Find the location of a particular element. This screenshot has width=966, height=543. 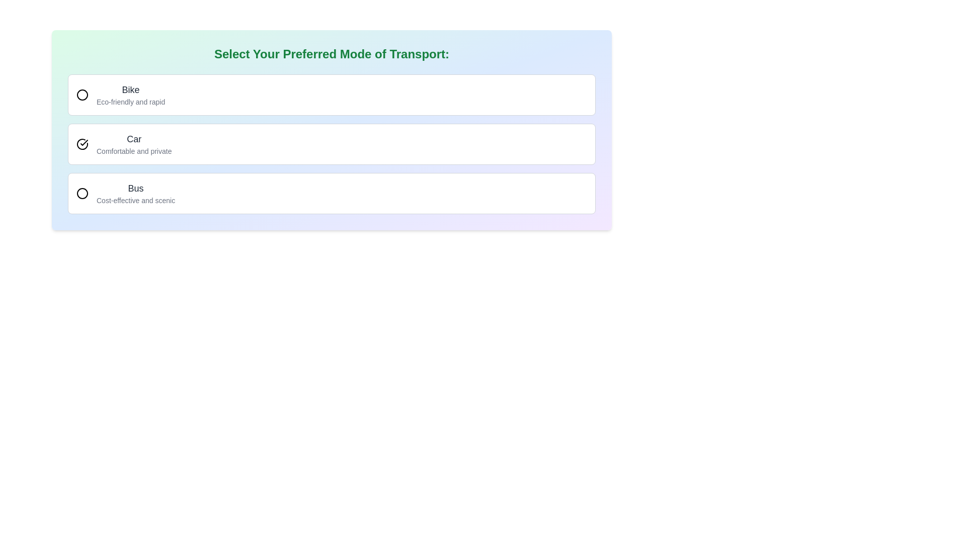

the first option card labeled 'Bike' in the selection list is located at coordinates (332, 95).